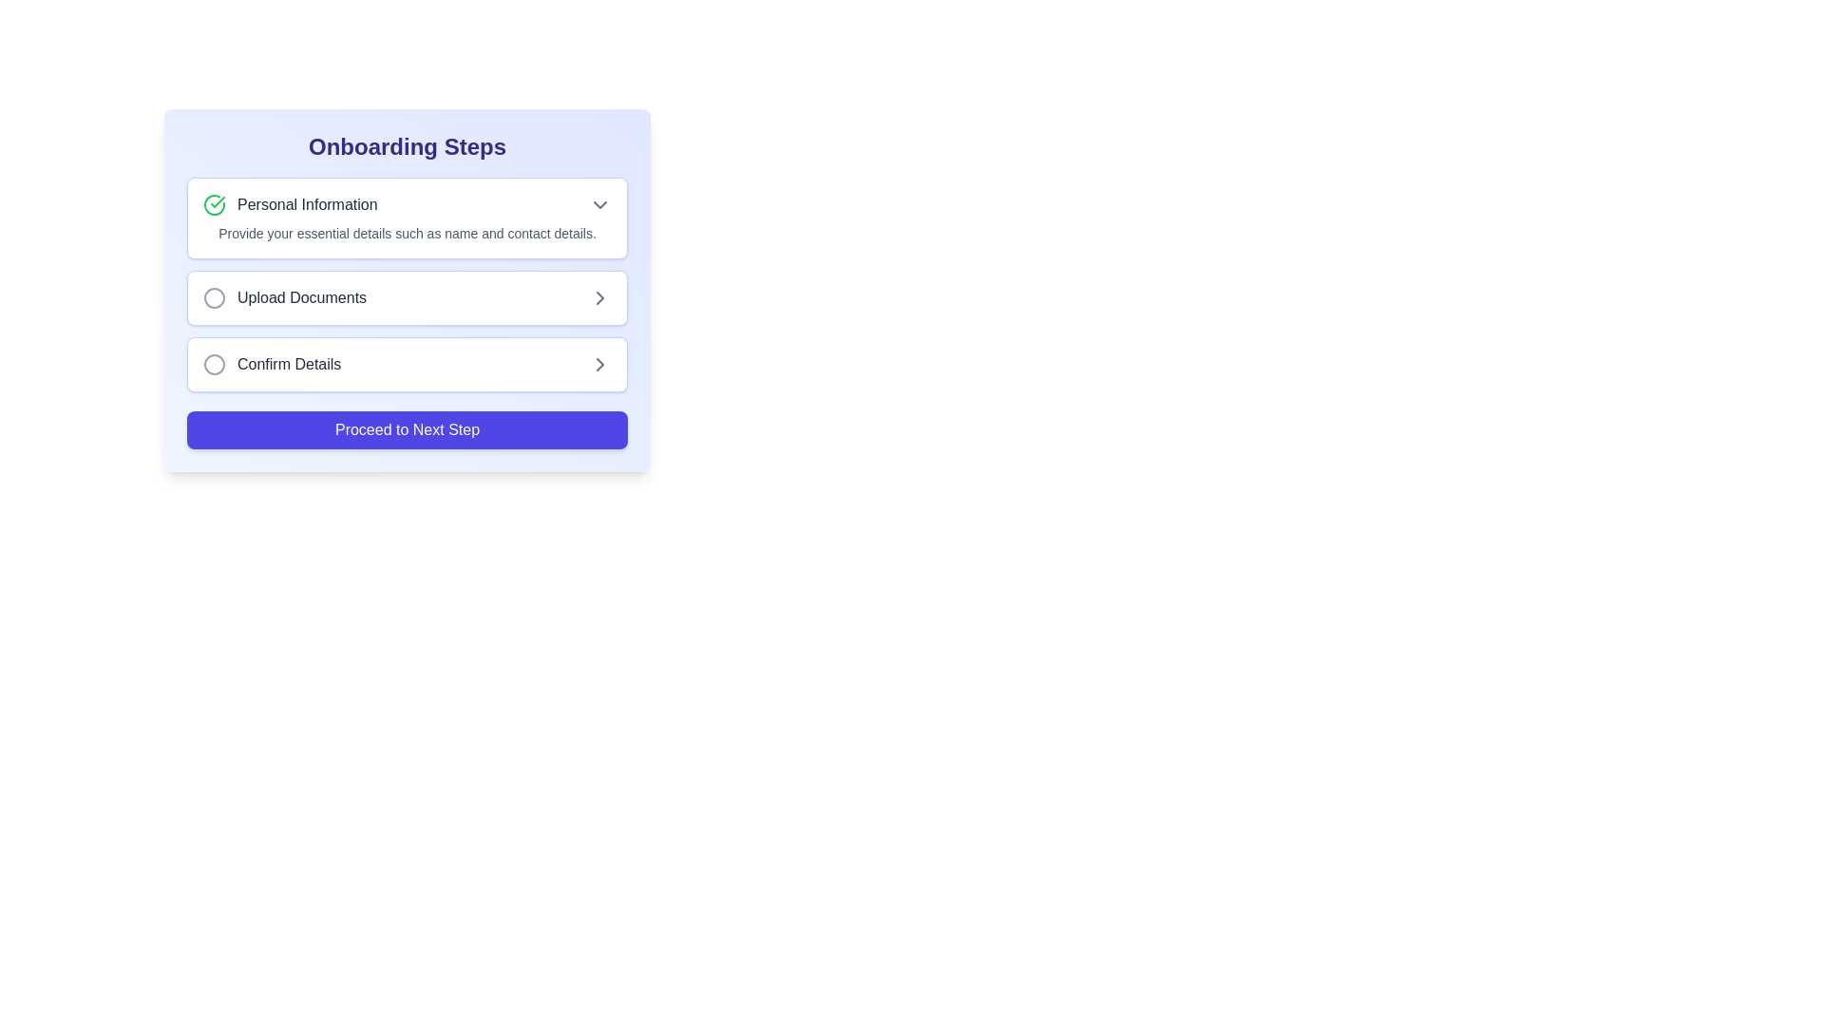 The height and width of the screenshot is (1026, 1824). I want to click on the 'Confirm Details' list item in the vertical navigation, so click(406, 365).